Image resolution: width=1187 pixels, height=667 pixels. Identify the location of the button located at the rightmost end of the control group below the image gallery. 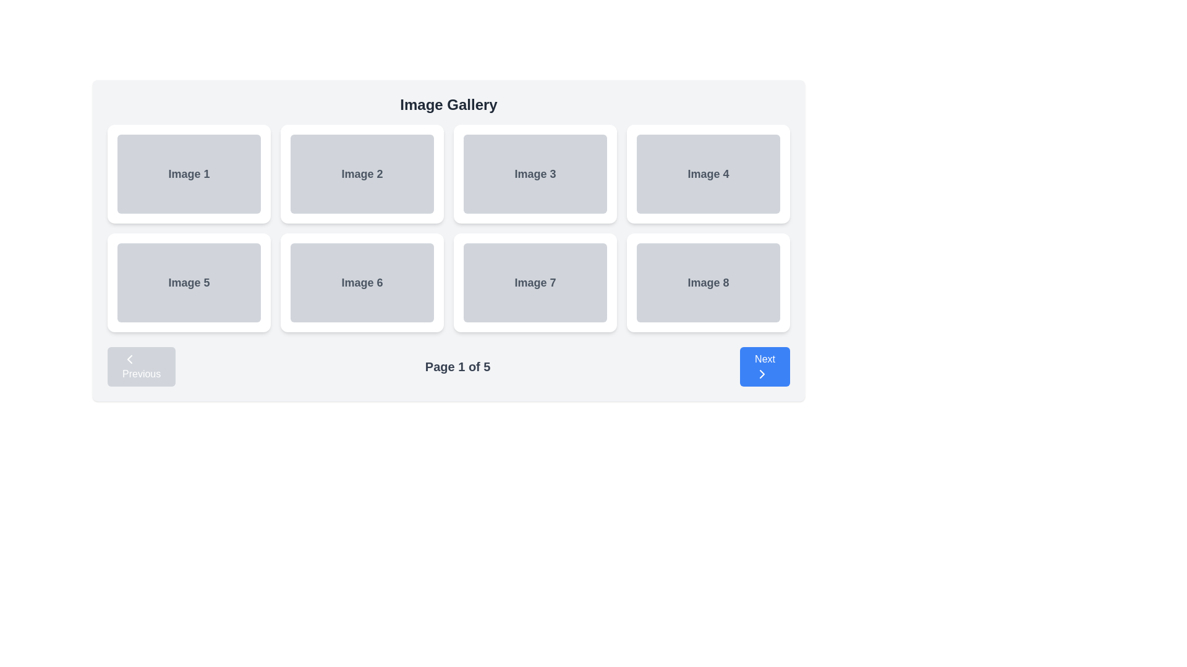
(764, 366).